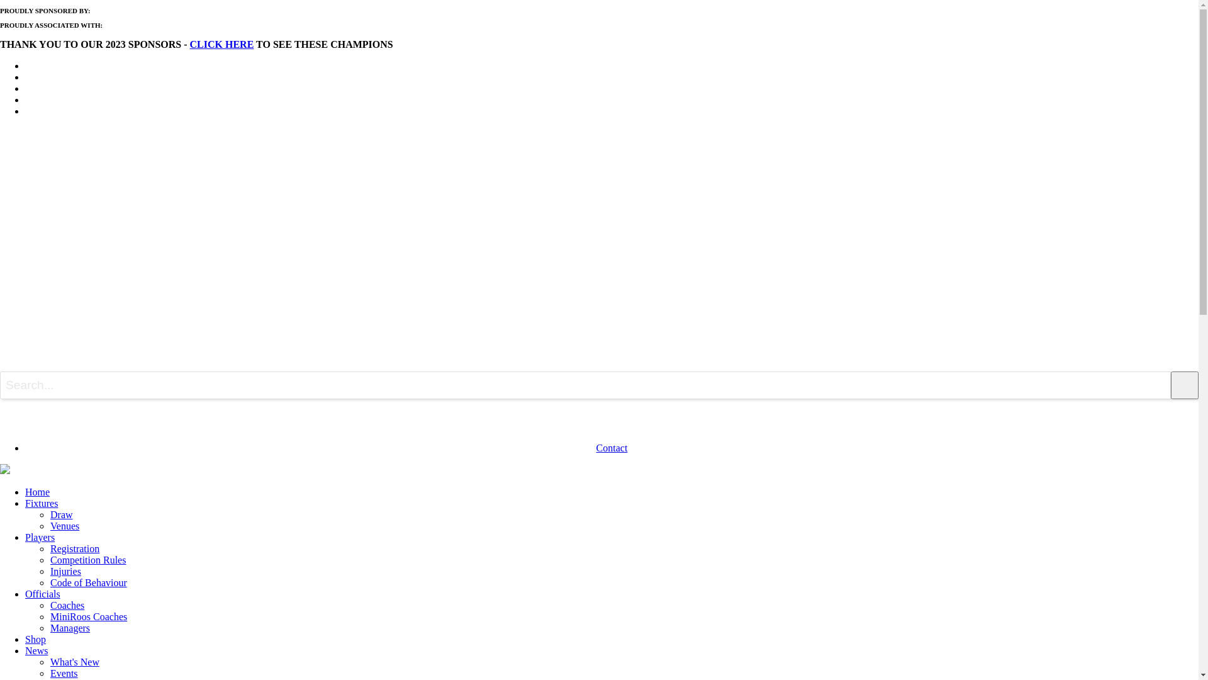  I want to click on 'Coaches', so click(50, 604).